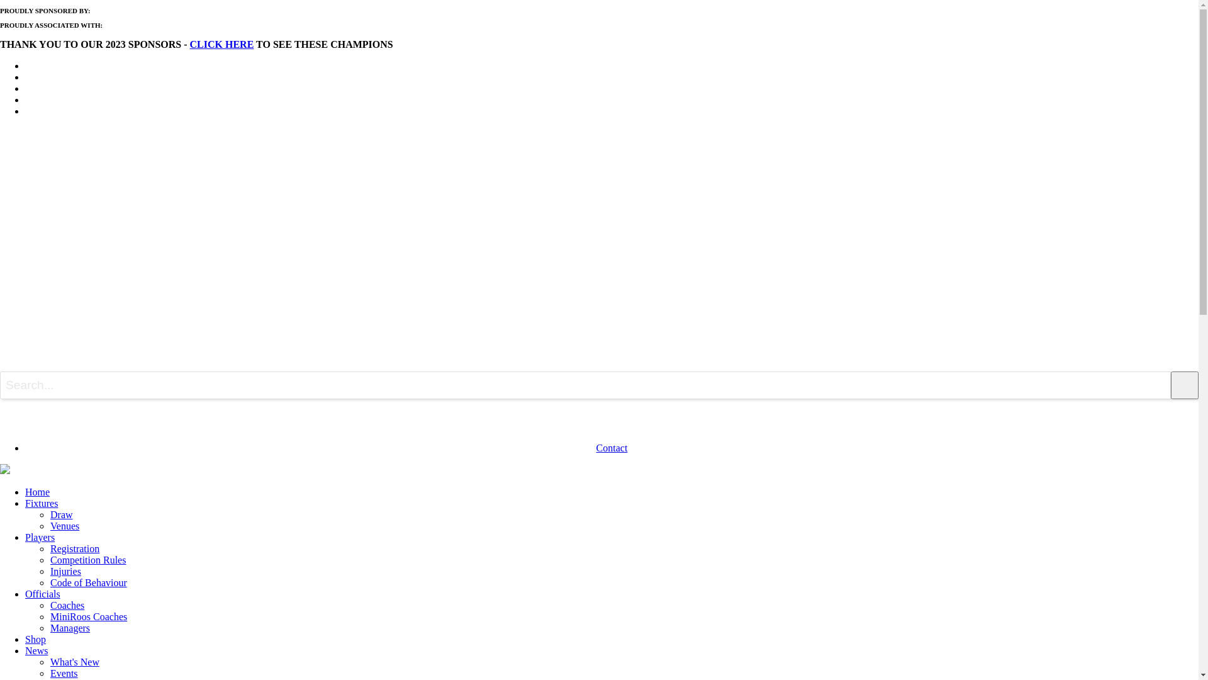  I want to click on 'Coaches', so click(50, 604).